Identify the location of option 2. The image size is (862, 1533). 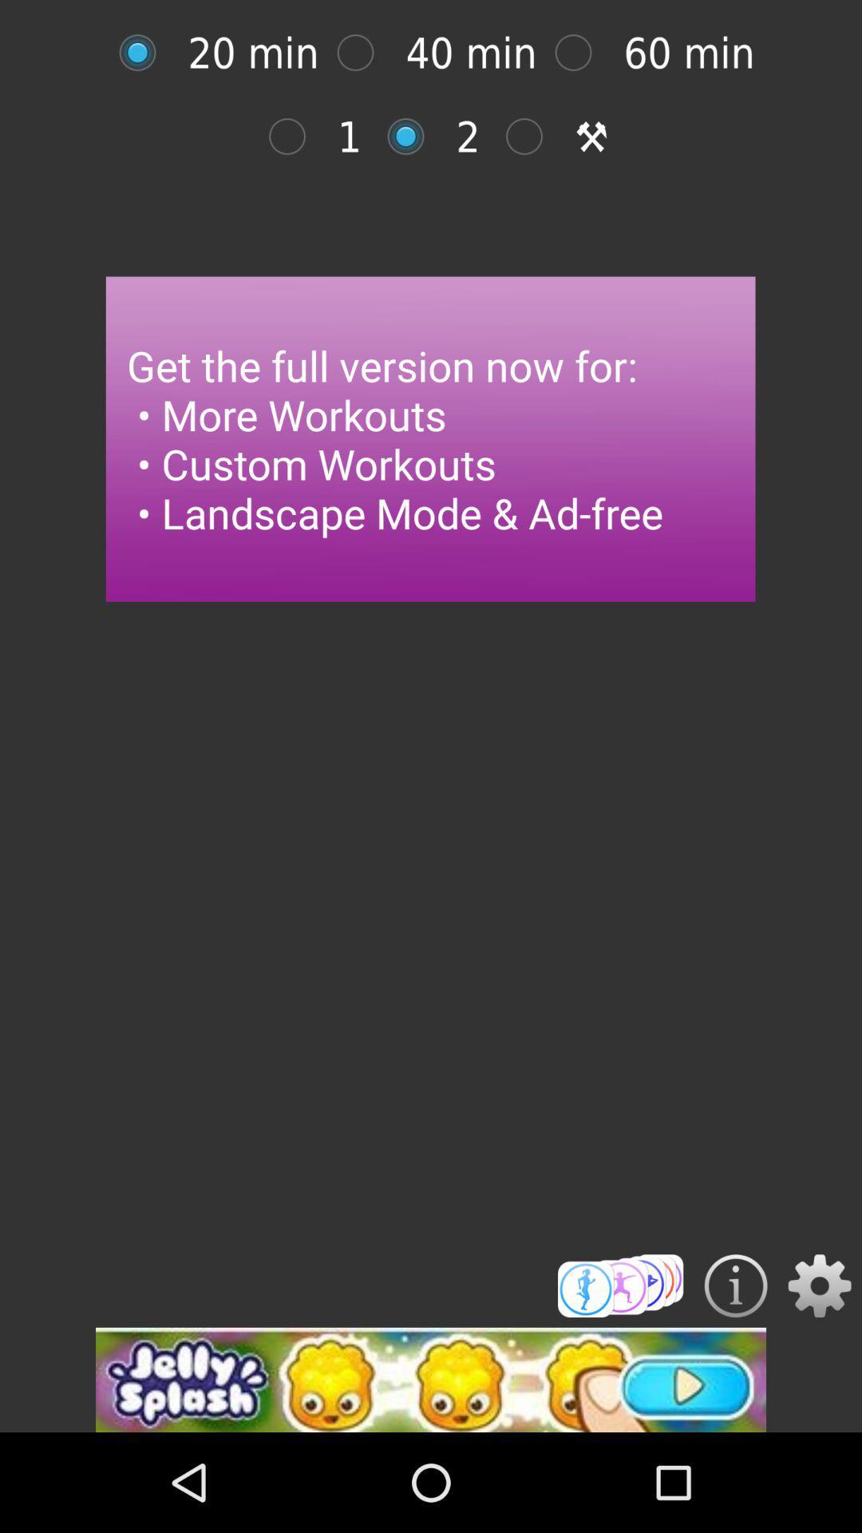
(413, 137).